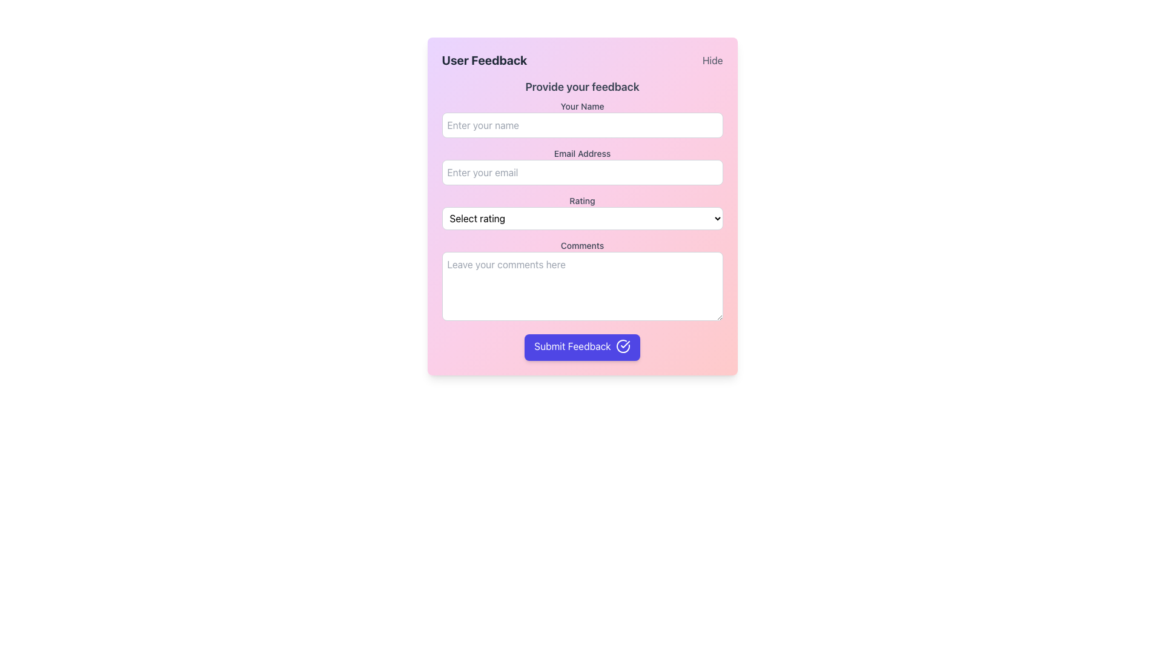 This screenshot has height=654, width=1163. Describe the element at coordinates (582, 153) in the screenshot. I see `the label that identifies the email input field in the feedback form, located directly above it` at that location.